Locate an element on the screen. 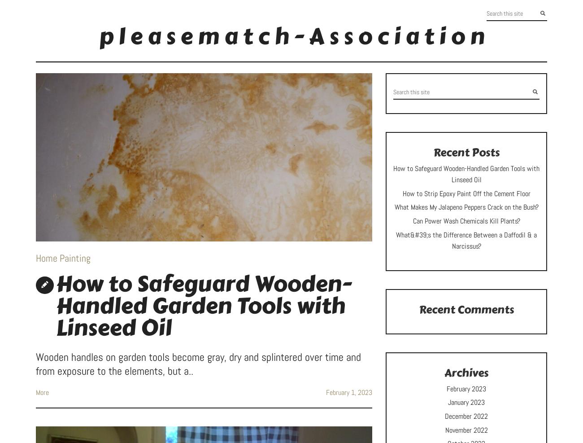 This screenshot has height=443, width=583. 'What Makes My Jalapeno Peppers Crack on the Bush?' is located at coordinates (466, 206).